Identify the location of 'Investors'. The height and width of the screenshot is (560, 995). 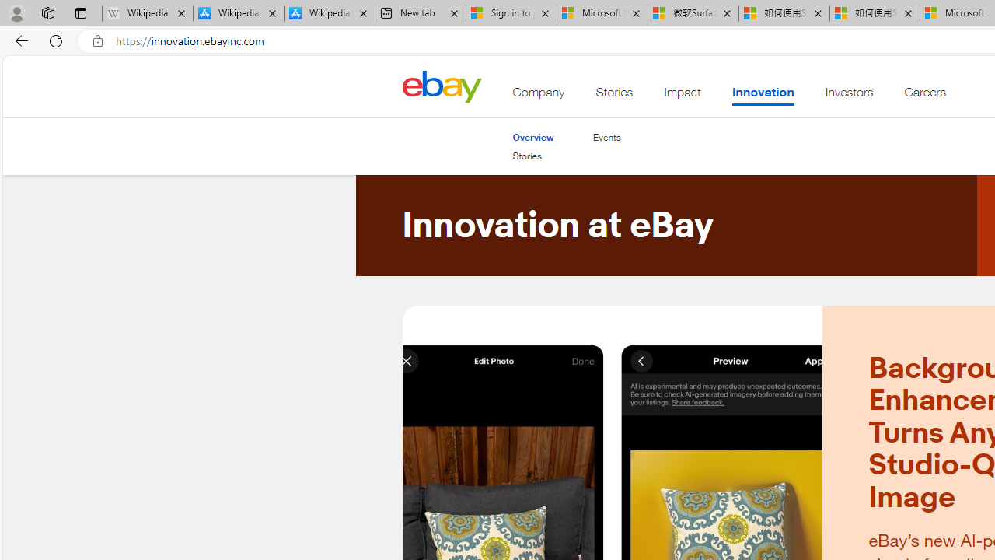
(848, 96).